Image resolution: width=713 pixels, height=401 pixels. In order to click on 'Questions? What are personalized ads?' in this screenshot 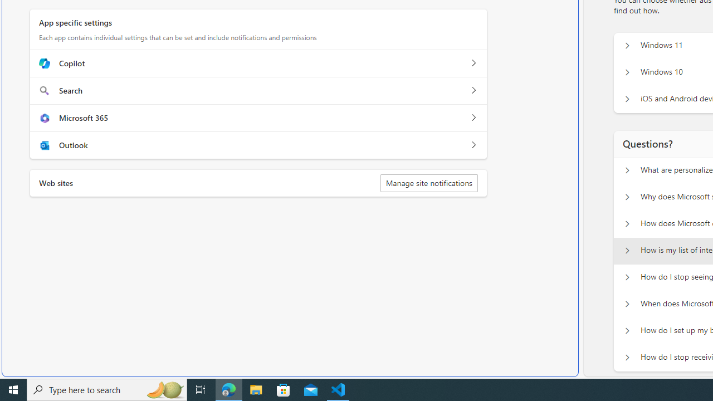, I will do `click(627, 170)`.